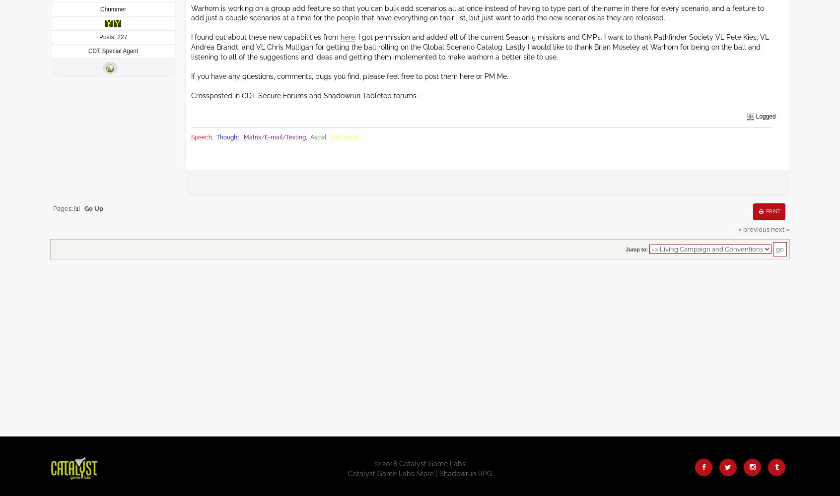 The height and width of the screenshot is (496, 840). What do you see at coordinates (738, 229) in the screenshot?
I see `'« previous'` at bounding box center [738, 229].